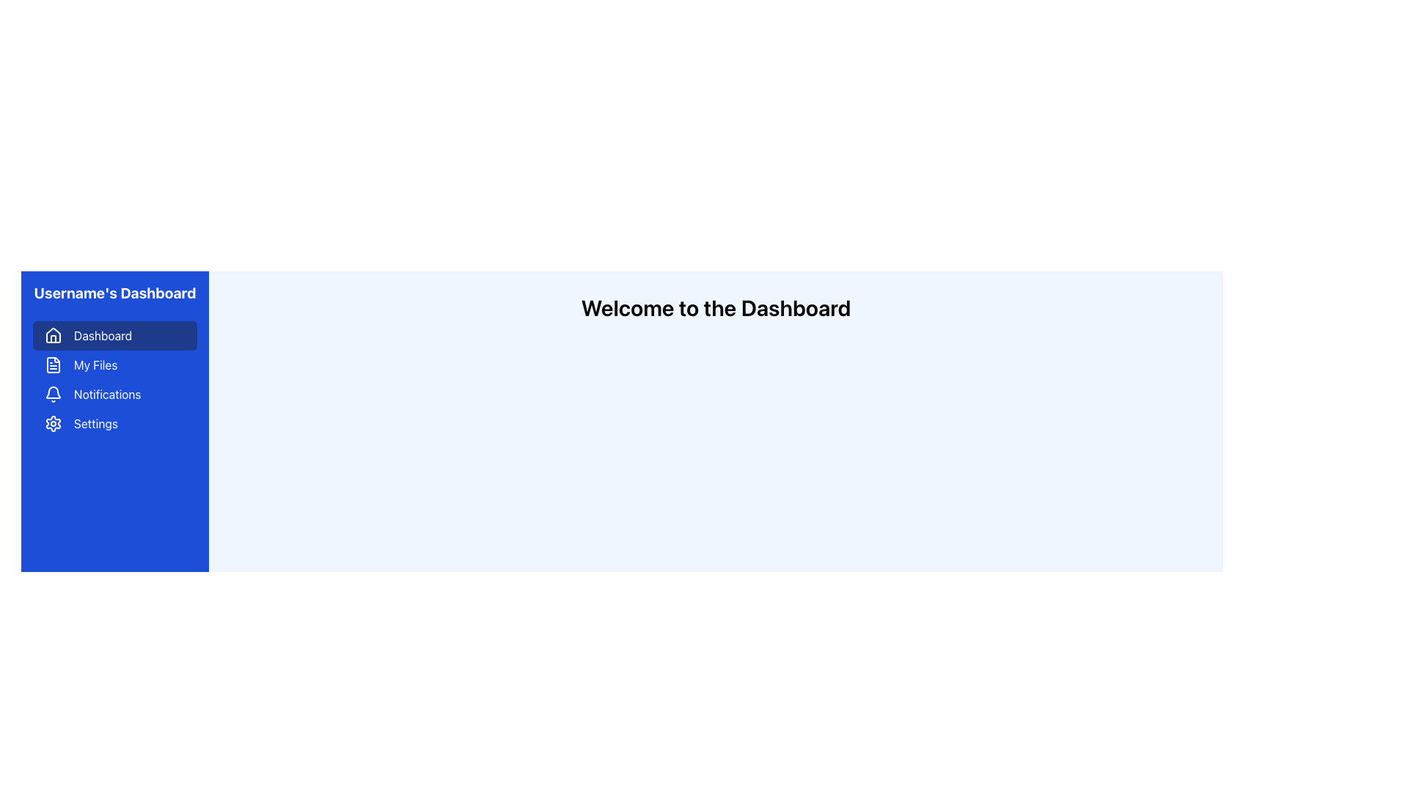  Describe the element at coordinates (114, 424) in the screenshot. I see `the 'Settings' button in the navigation menu` at that location.